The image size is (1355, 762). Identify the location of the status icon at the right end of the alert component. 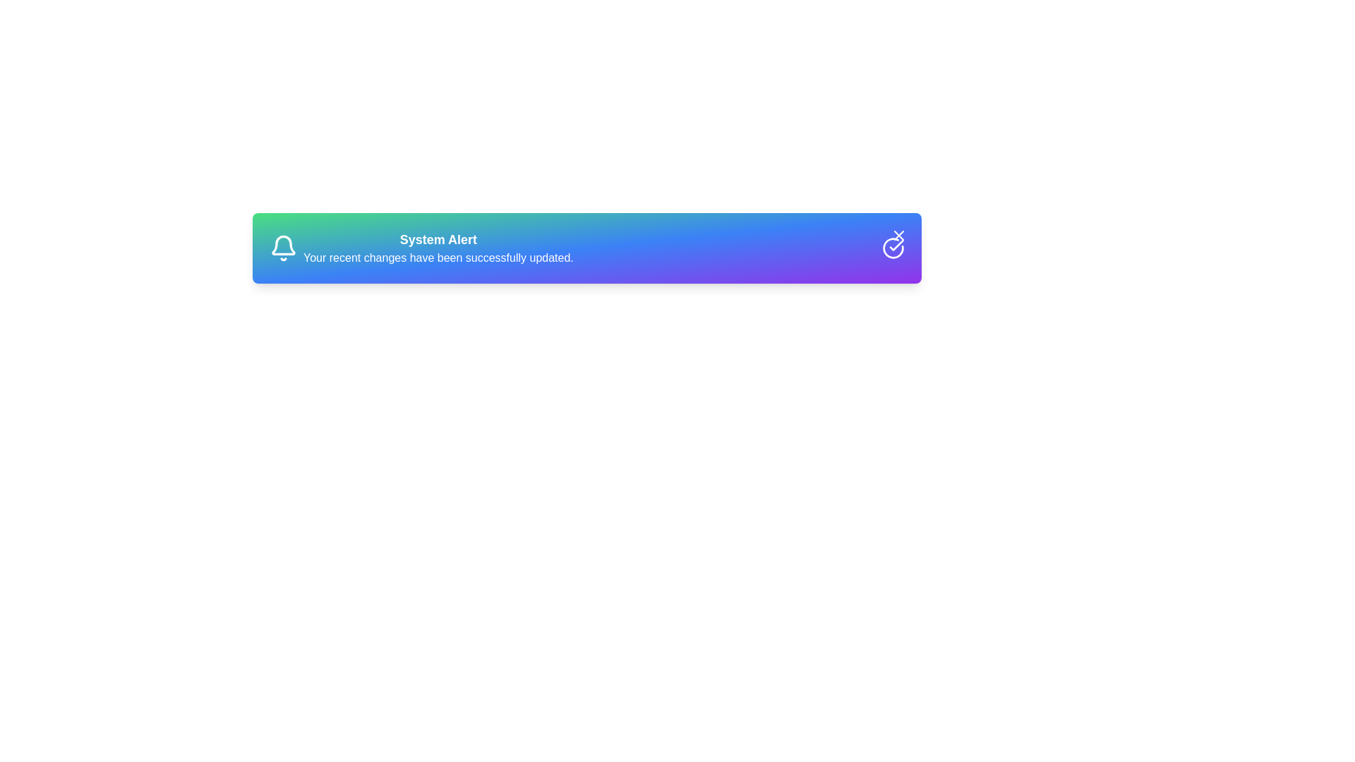
(893, 247).